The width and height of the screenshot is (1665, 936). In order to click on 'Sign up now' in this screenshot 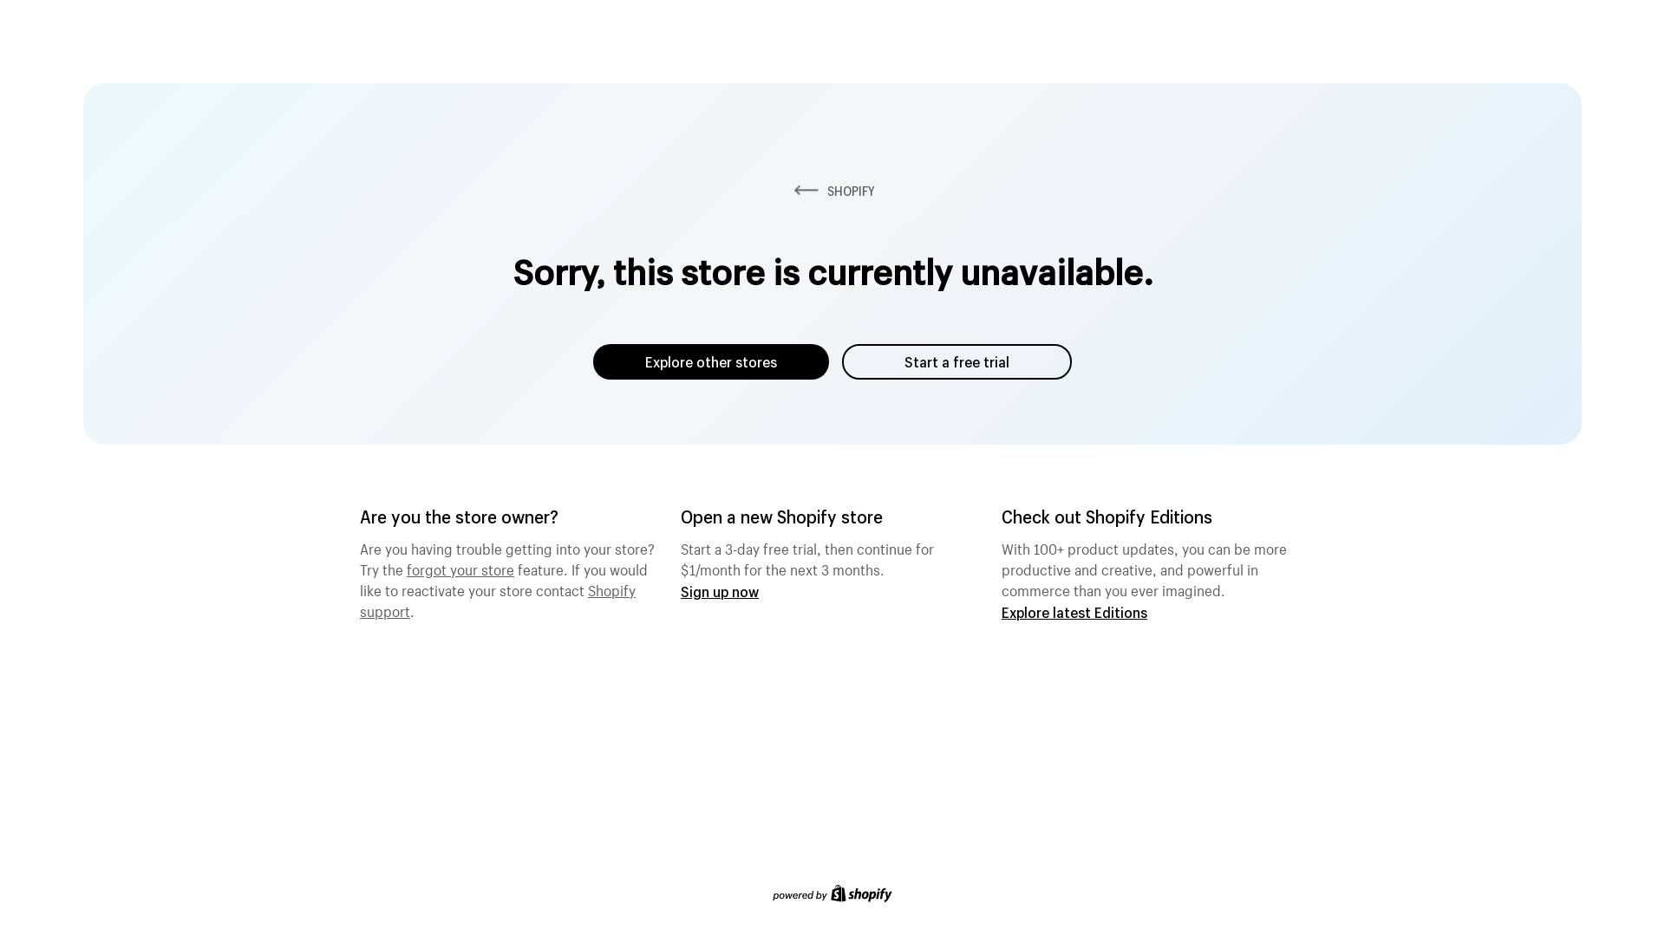, I will do `click(720, 590)`.